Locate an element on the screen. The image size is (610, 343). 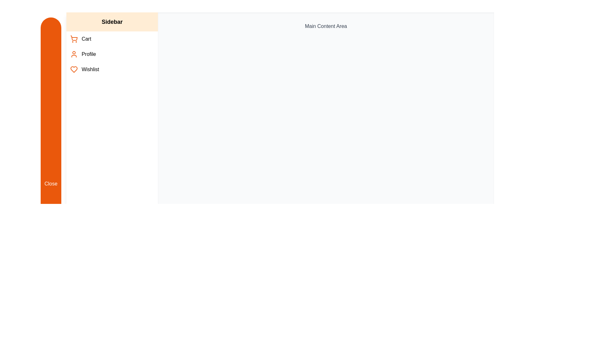
the icon next to Wishlist in the sidebar is located at coordinates (73, 70).